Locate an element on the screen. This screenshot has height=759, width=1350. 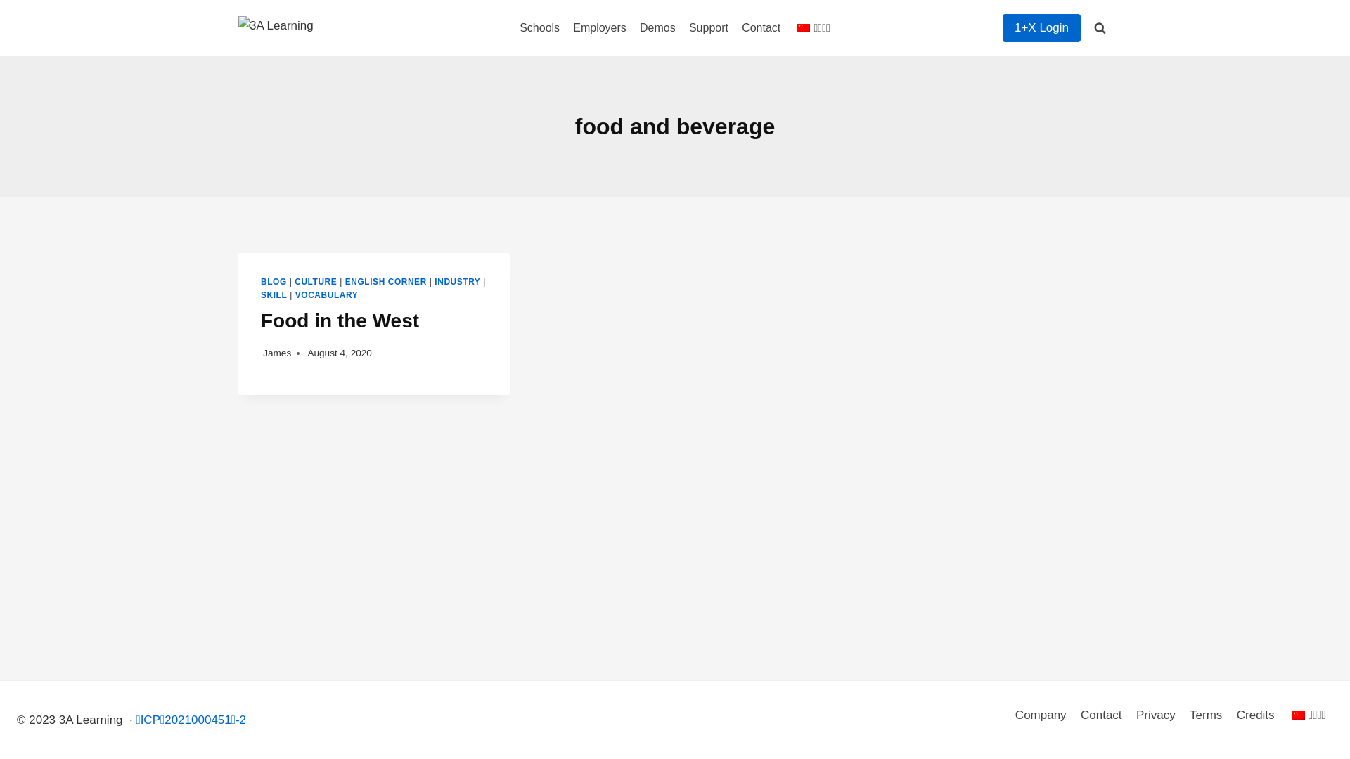
'ENGLISH CORNER' is located at coordinates (345, 282).